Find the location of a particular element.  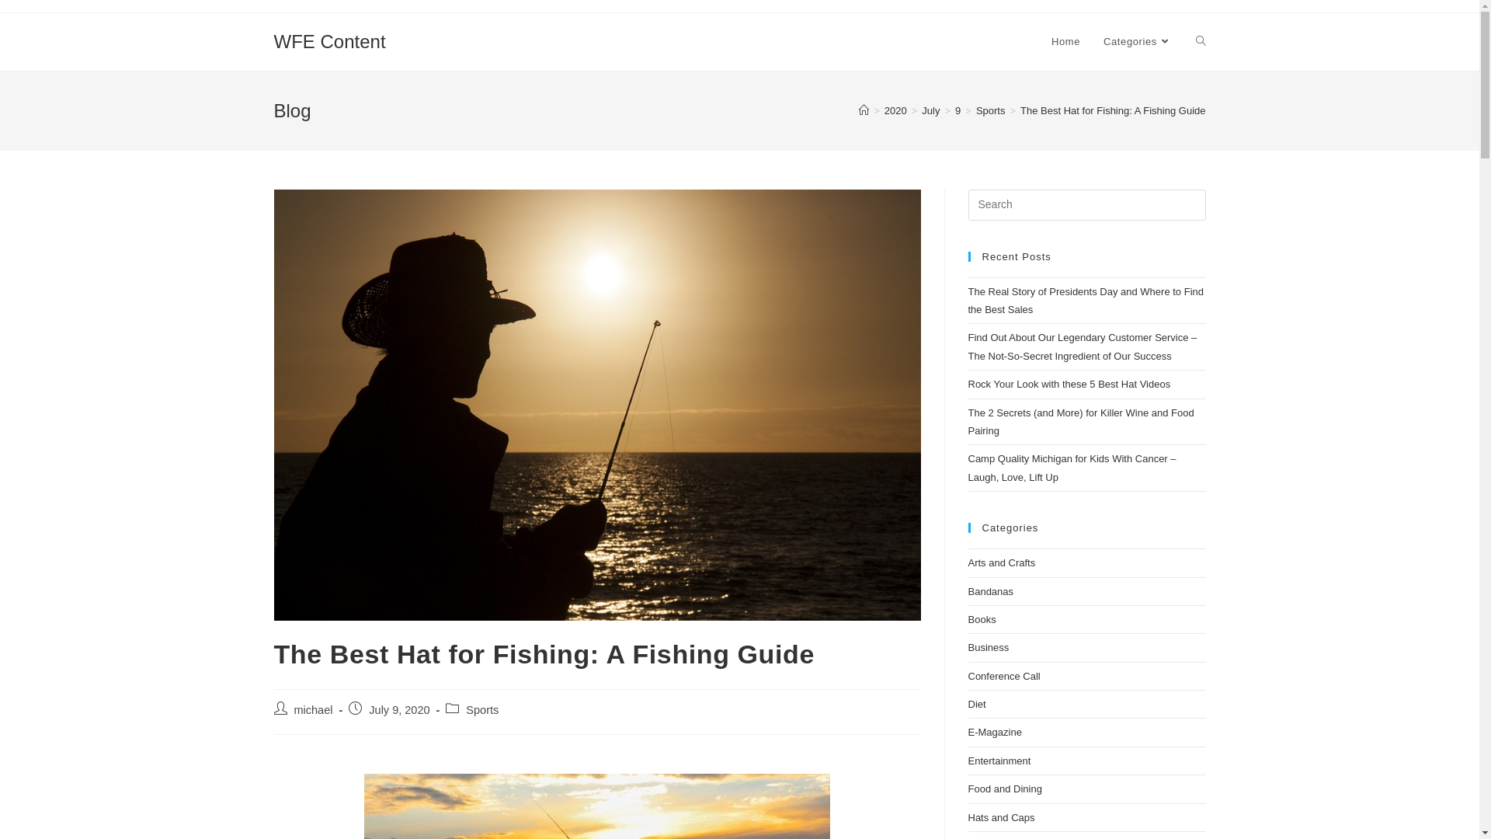

'Diet' is located at coordinates (975, 704).